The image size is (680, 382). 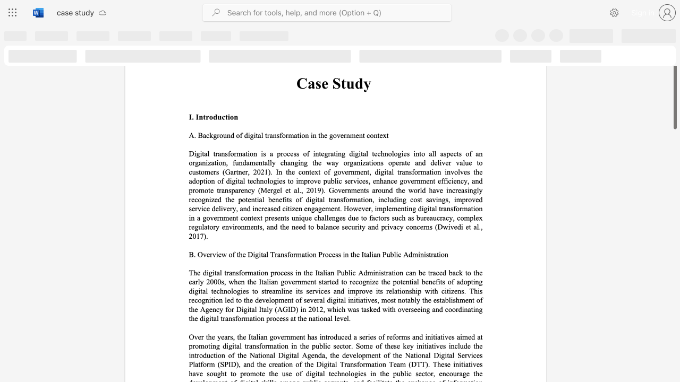 What do you see at coordinates (674, 80) in the screenshot?
I see `the scrollbar and move up 10 pixels` at bounding box center [674, 80].